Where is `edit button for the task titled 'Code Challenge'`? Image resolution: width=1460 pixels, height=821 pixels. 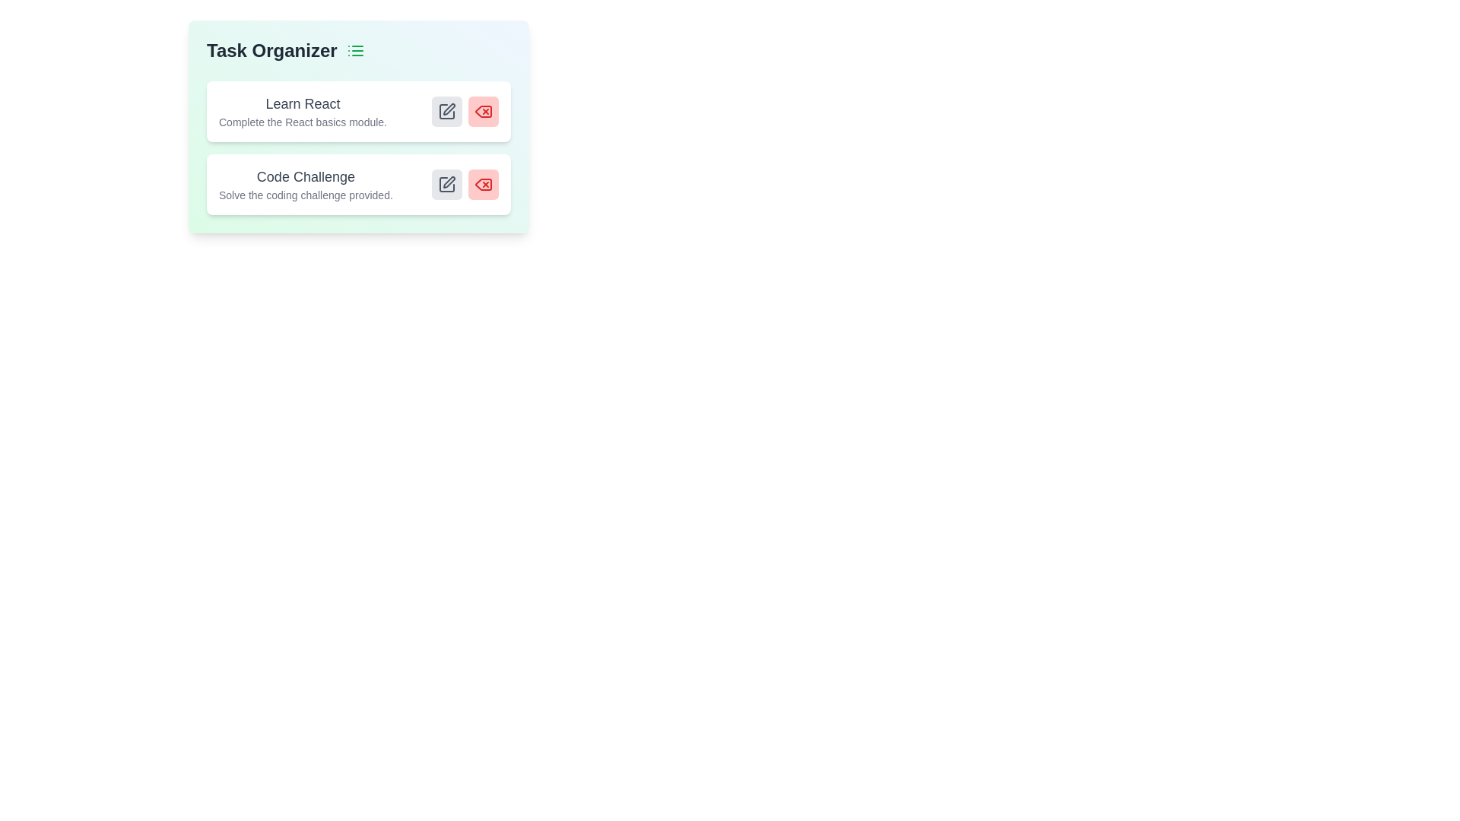
edit button for the task titled 'Code Challenge' is located at coordinates (446, 184).